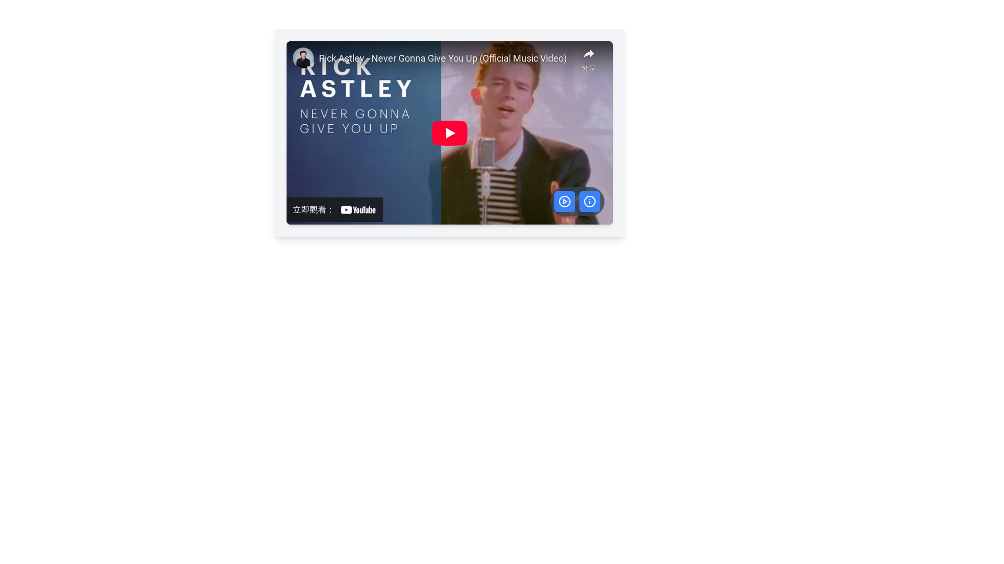 This screenshot has width=1004, height=564. What do you see at coordinates (589, 201) in the screenshot?
I see `the circular blue information icon with an outlined border located at the bottom-right area of the card layout` at bounding box center [589, 201].